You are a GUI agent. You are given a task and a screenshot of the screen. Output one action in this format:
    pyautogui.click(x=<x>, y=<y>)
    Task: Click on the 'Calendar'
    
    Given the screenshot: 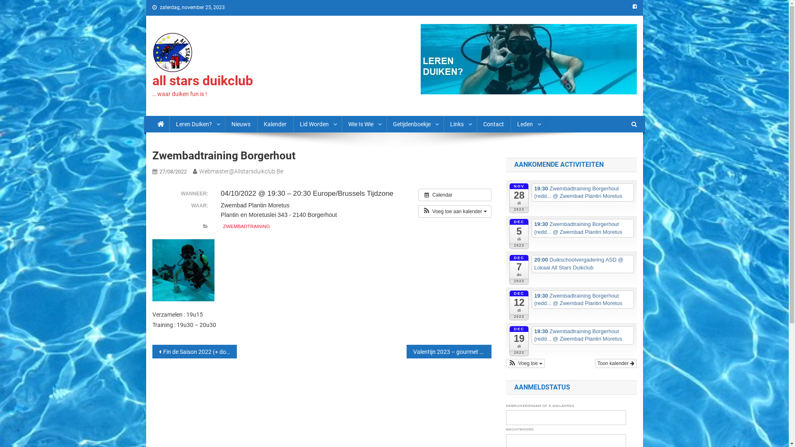 What is the action you would take?
    pyautogui.click(x=454, y=195)
    